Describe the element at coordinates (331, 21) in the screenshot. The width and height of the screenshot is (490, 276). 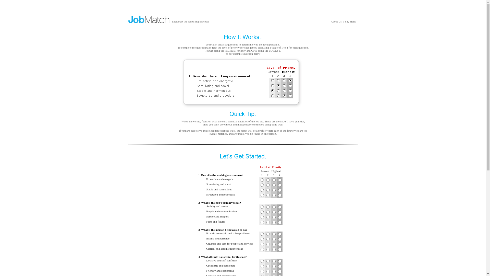
I see `'About Us'` at that location.